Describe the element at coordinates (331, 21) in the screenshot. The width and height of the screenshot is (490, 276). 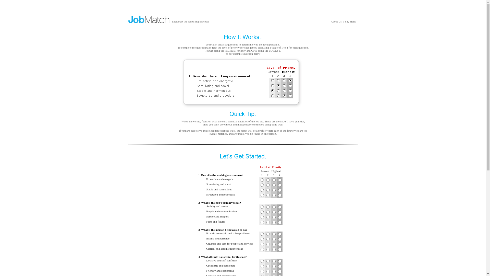
I see `'About Us'` at that location.